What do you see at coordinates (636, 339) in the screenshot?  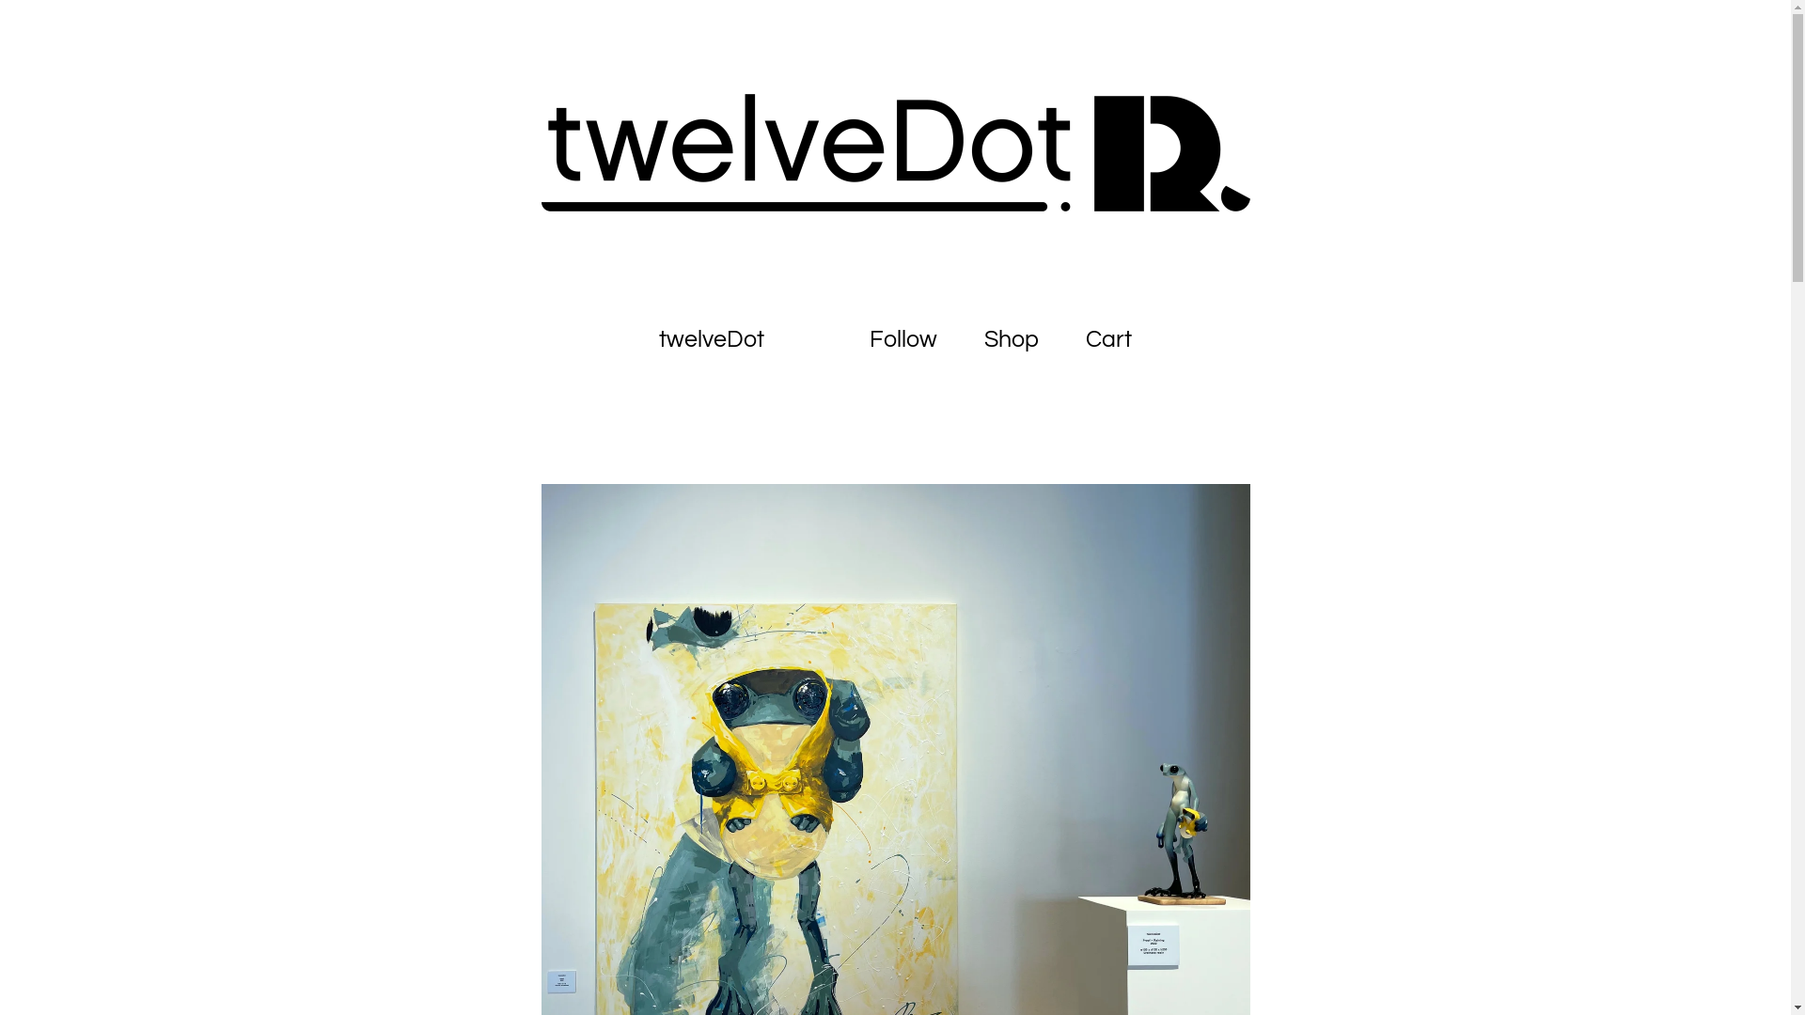 I see `'twelveDot'` at bounding box center [636, 339].